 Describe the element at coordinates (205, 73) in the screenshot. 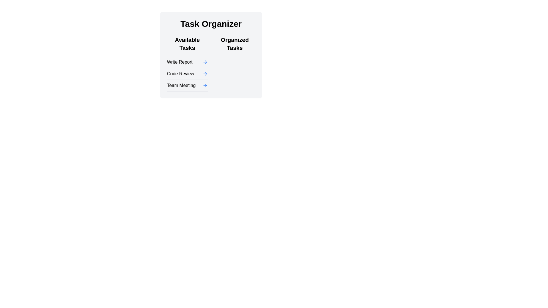

I see `the right-pointing arrow icon in the second row of the 'Available Tasks' section` at that location.